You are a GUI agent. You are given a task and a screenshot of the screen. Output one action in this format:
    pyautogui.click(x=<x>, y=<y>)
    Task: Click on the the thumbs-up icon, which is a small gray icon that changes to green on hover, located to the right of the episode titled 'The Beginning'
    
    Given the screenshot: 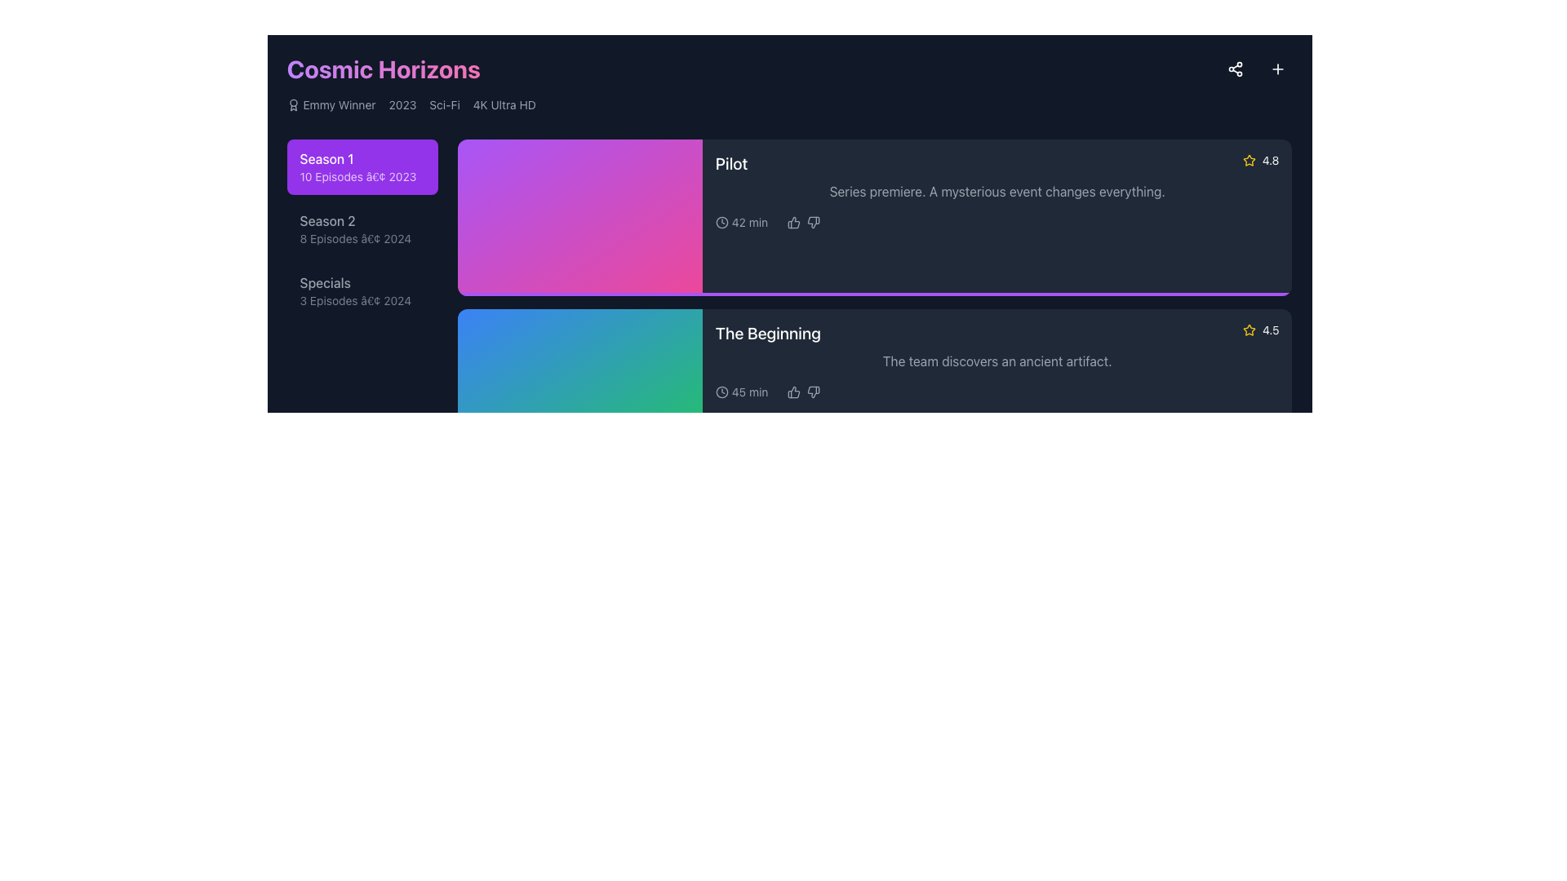 What is the action you would take?
    pyautogui.click(x=794, y=392)
    